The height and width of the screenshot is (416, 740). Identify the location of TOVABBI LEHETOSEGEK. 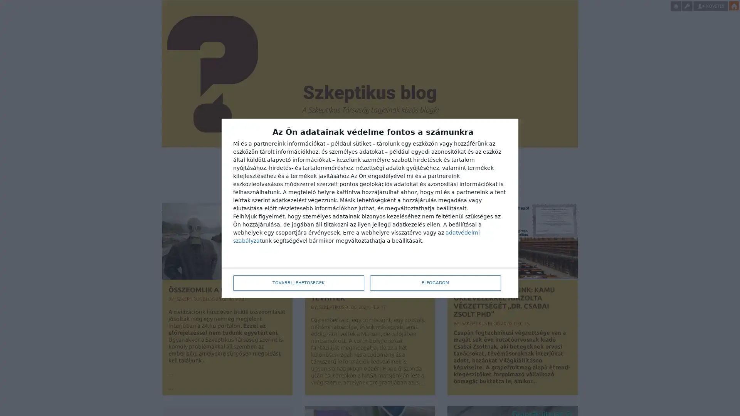
(298, 282).